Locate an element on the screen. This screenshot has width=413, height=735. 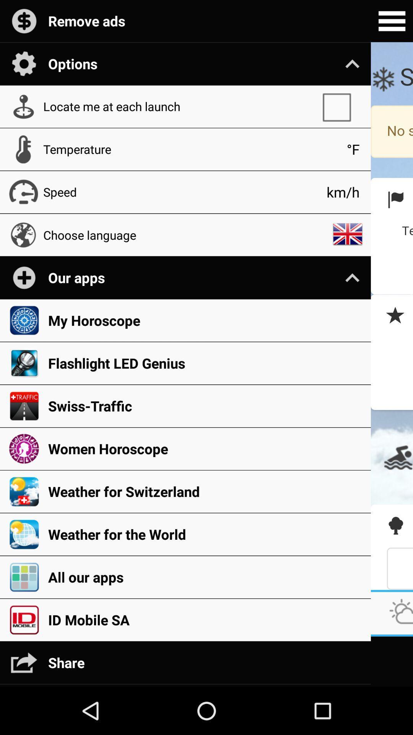
the my horoscope item is located at coordinates (205, 320).